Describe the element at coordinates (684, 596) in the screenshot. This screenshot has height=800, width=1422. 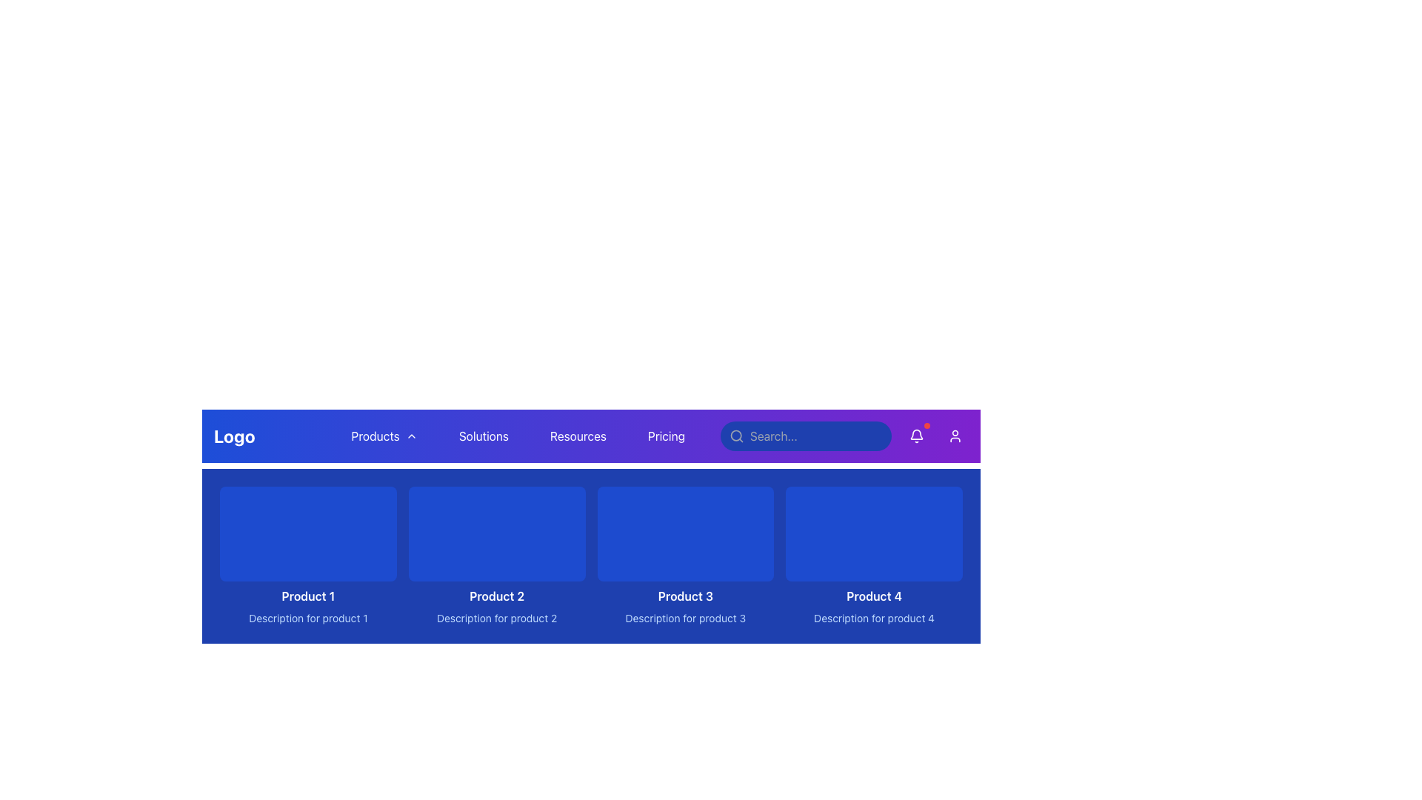
I see `the product name label located within the card layout, which is positioned third in a horizontal sequence of four cards, directly beneath an empty rectangle and above the description text` at that location.